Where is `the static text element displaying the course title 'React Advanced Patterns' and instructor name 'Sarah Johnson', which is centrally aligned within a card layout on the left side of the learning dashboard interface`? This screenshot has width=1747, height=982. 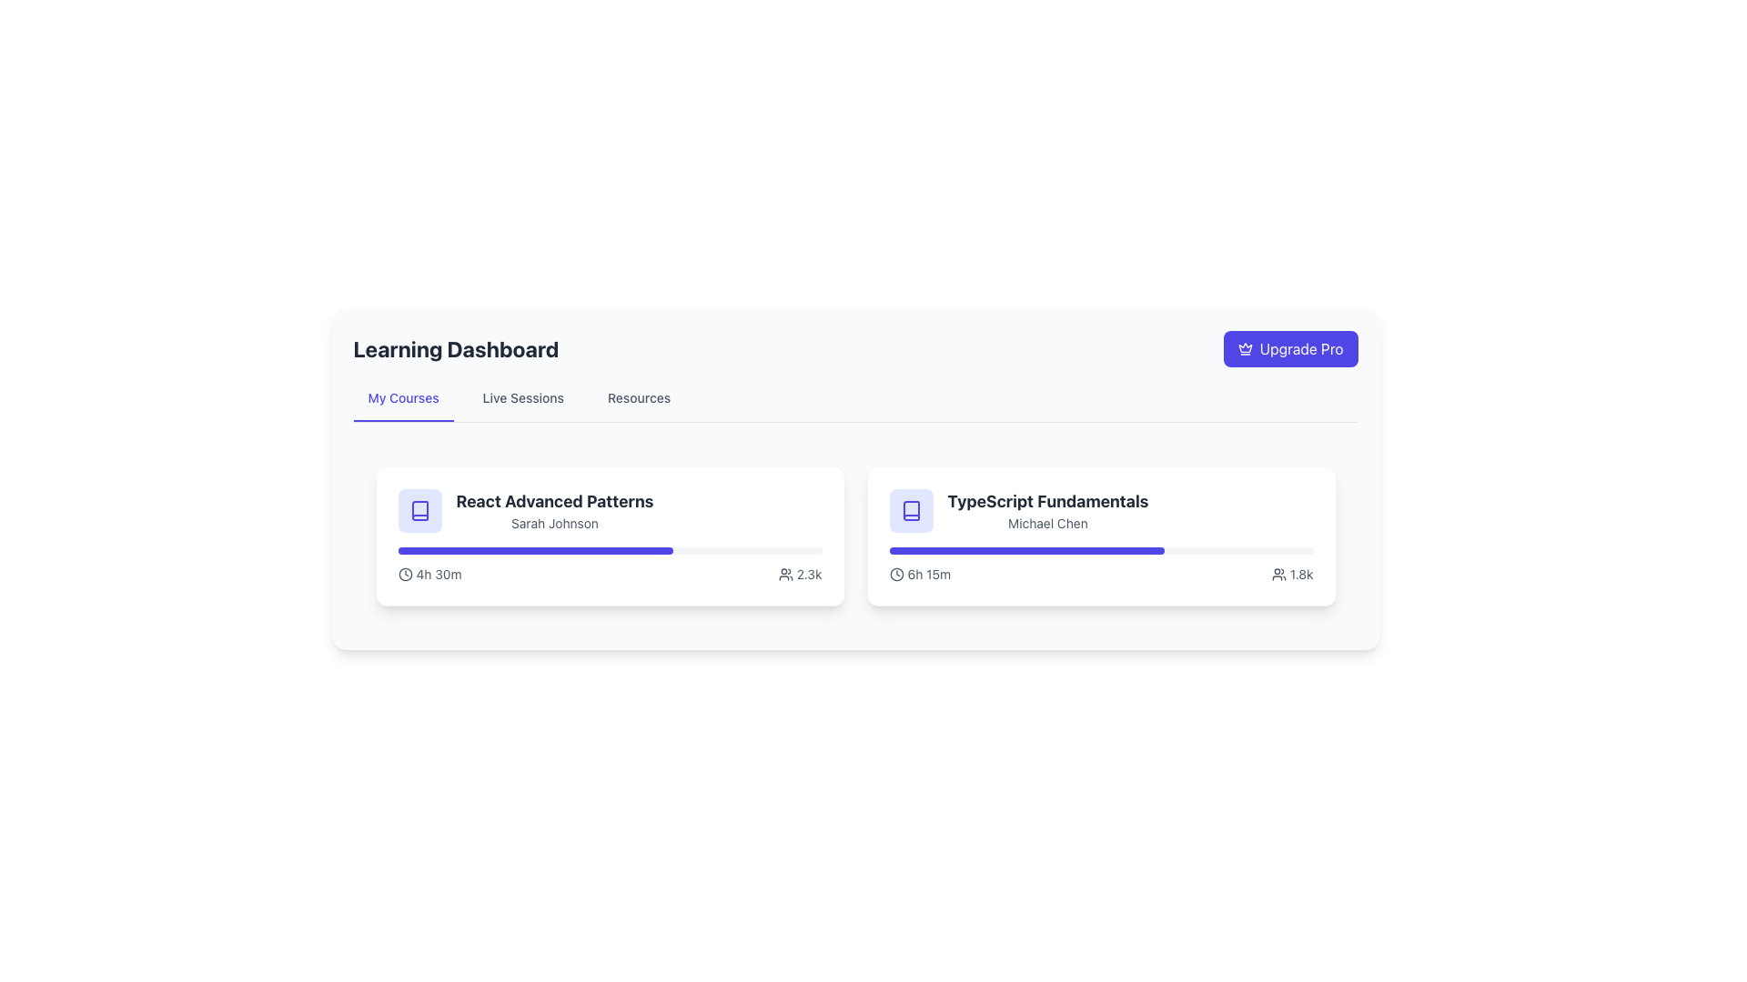 the static text element displaying the course title 'React Advanced Patterns' and instructor name 'Sarah Johnson', which is centrally aligned within a card layout on the left side of the learning dashboard interface is located at coordinates (553, 511).